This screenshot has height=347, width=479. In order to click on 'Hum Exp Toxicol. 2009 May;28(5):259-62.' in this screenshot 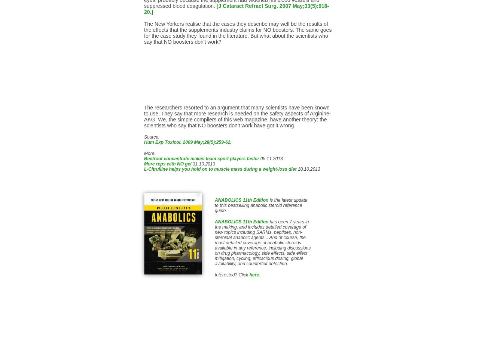, I will do `click(187, 142)`.